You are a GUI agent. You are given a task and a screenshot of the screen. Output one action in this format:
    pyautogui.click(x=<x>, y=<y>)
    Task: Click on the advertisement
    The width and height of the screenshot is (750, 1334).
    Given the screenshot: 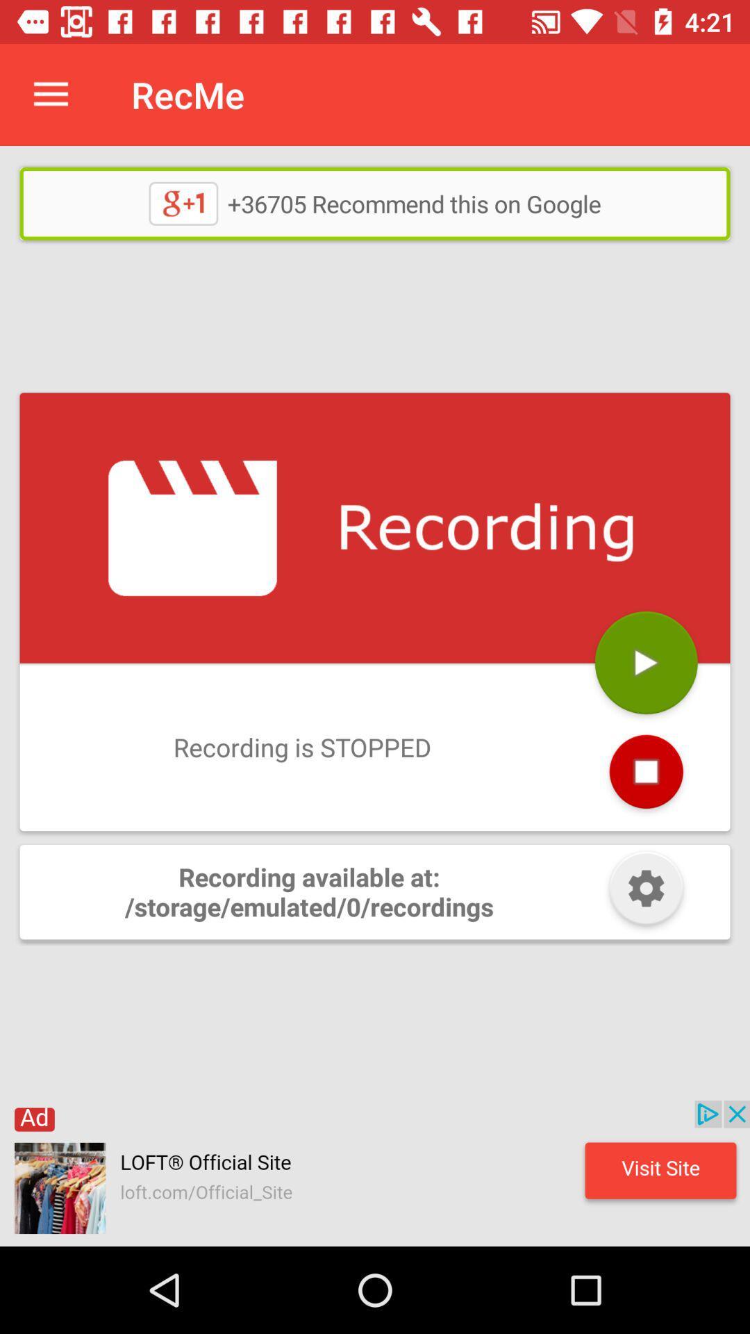 What is the action you would take?
    pyautogui.click(x=375, y=1173)
    